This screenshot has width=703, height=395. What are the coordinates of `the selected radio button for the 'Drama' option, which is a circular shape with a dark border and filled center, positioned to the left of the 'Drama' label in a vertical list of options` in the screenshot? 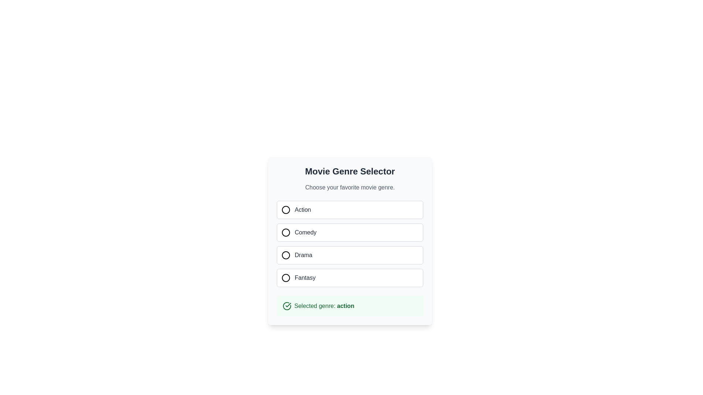 It's located at (286, 255).